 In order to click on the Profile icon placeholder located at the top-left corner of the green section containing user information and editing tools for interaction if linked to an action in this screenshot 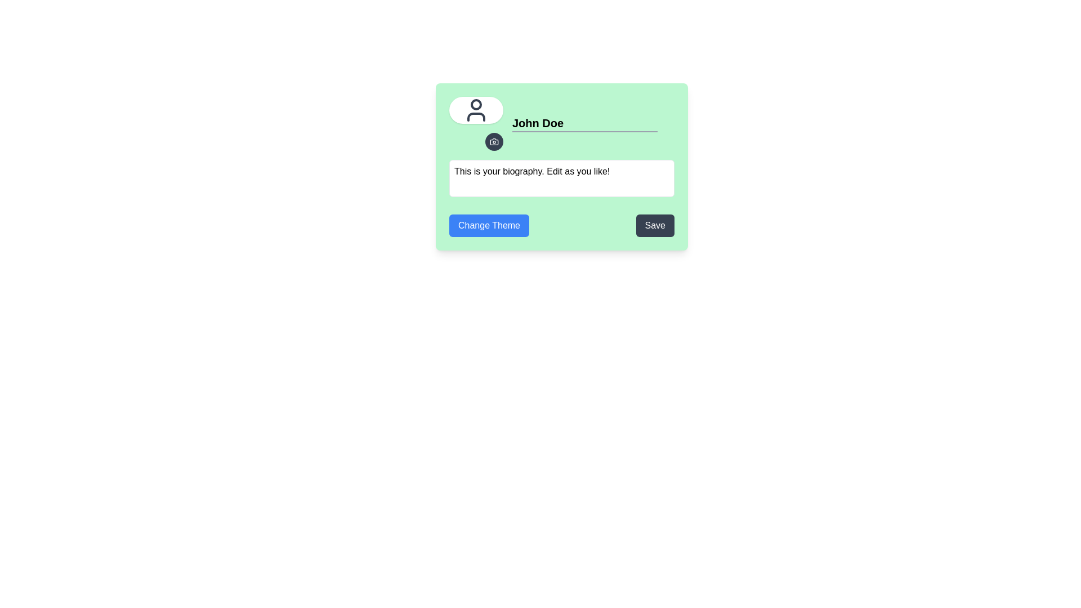, I will do `click(476, 110)`.